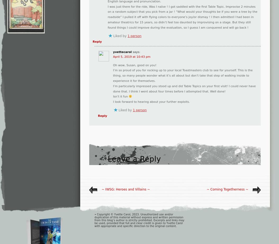 Image resolution: width=279 pixels, height=244 pixels. What do you see at coordinates (113, 56) in the screenshot?
I see `'April 5, 2019 at 10:43 pm'` at bounding box center [113, 56].